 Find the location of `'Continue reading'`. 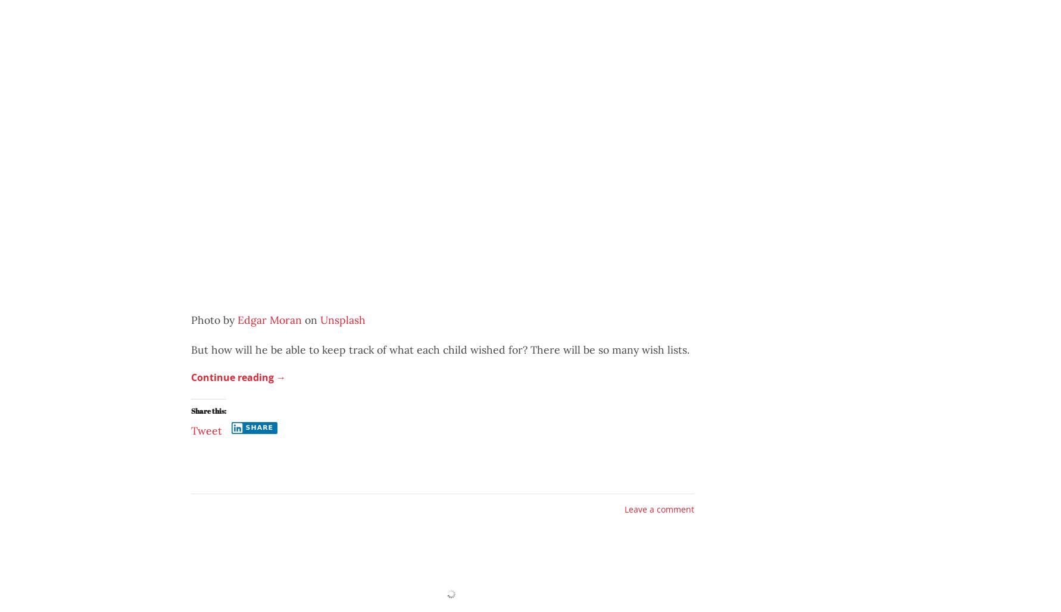

'Continue reading' is located at coordinates (190, 376).